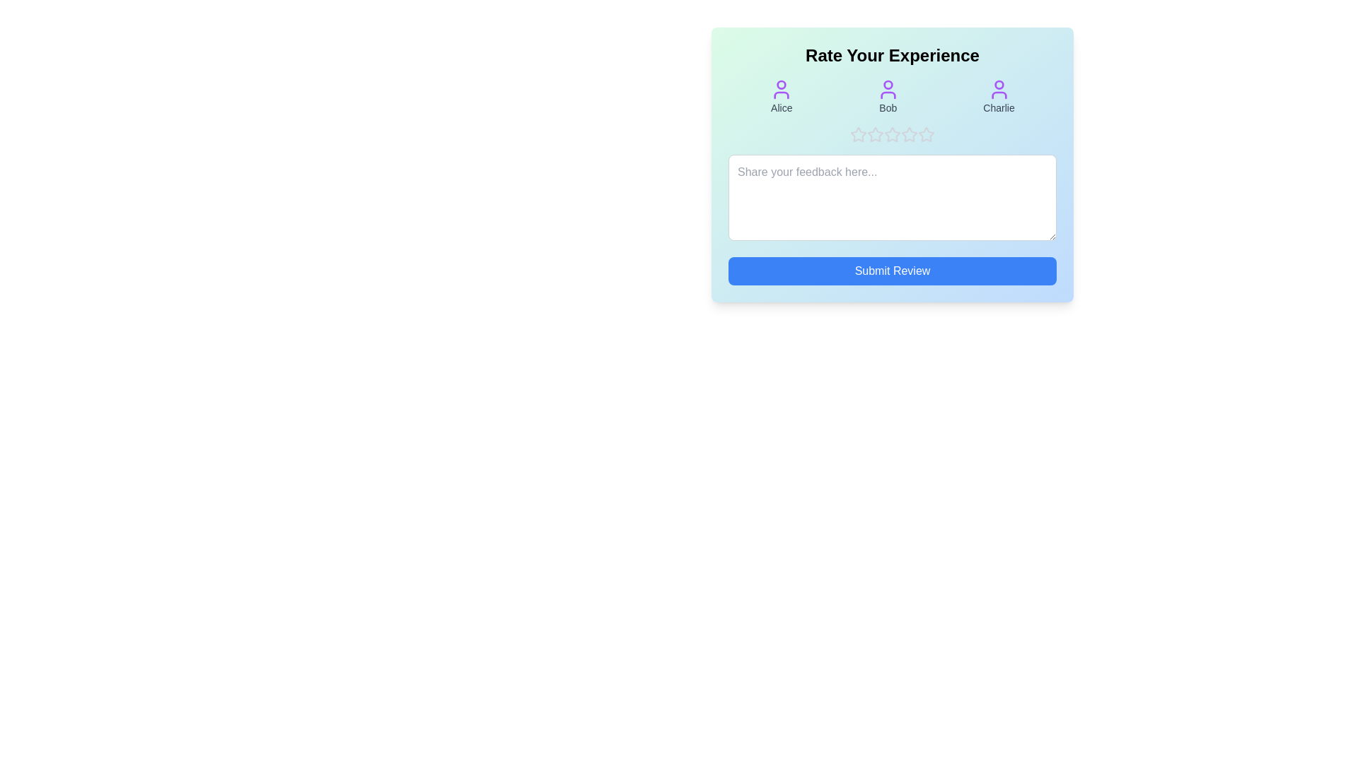 Image resolution: width=1358 pixels, height=763 pixels. What do you see at coordinates (892, 271) in the screenshot?
I see `the 'Submit Review' button to submit the review` at bounding box center [892, 271].